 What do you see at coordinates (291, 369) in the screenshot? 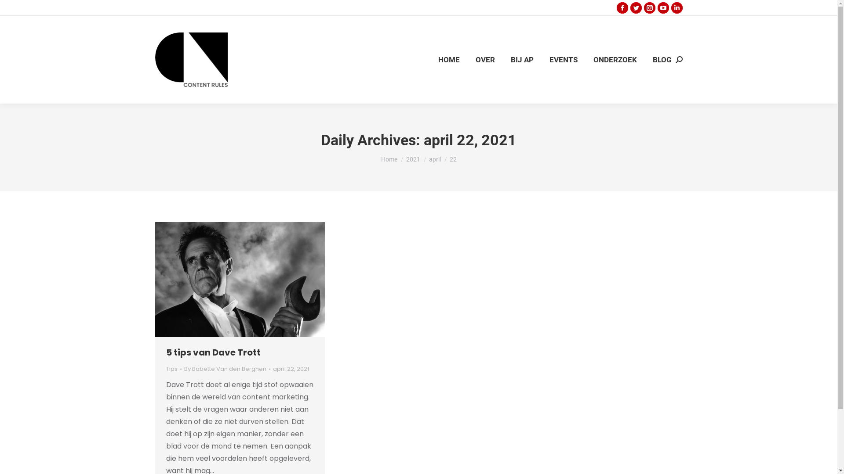
I see `'april 22, 2021'` at bounding box center [291, 369].